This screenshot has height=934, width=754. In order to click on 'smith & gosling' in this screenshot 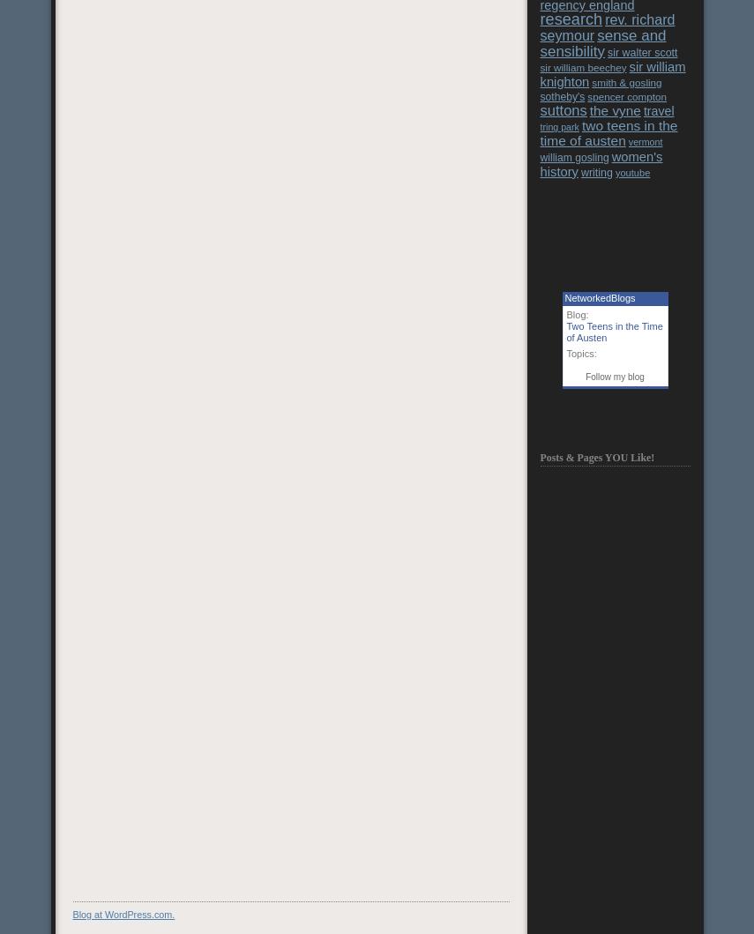, I will do `click(592, 81)`.